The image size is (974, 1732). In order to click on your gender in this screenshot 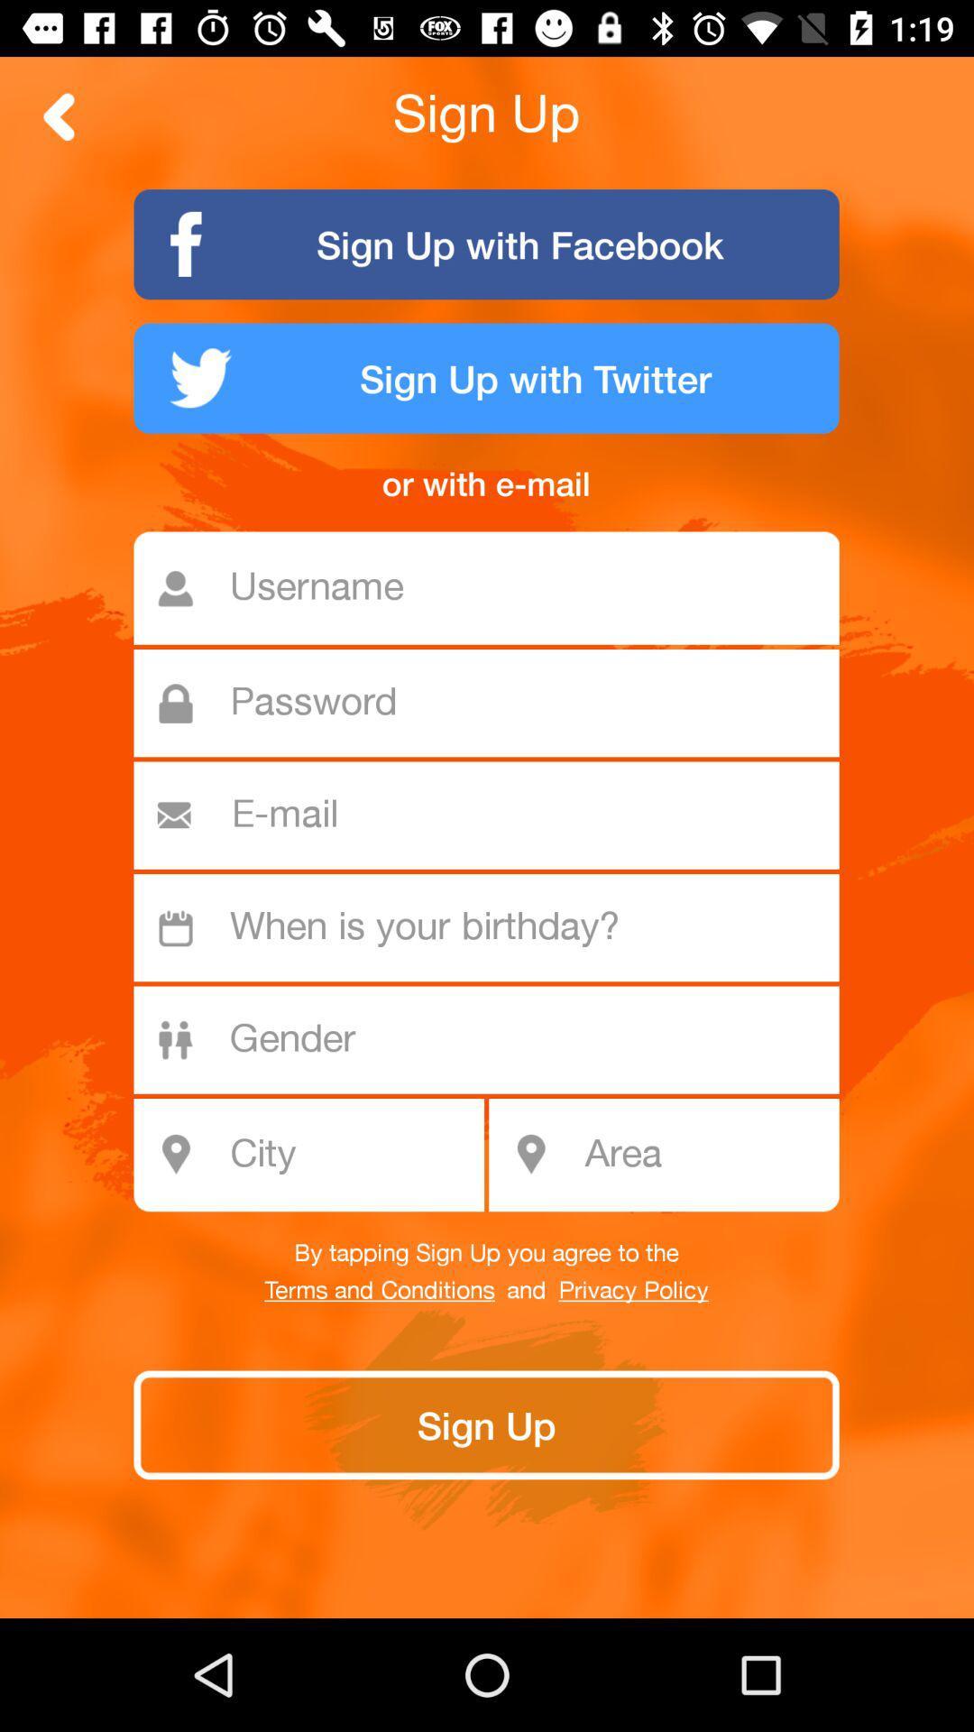, I will do `click(496, 1040)`.